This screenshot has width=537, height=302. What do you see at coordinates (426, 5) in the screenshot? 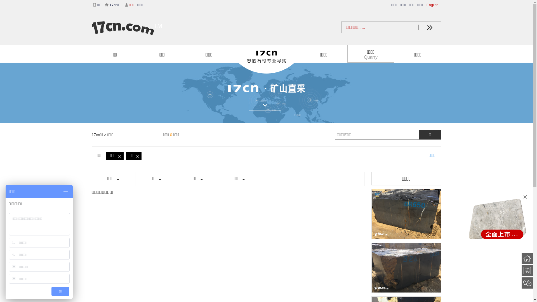
I see `'English'` at bounding box center [426, 5].